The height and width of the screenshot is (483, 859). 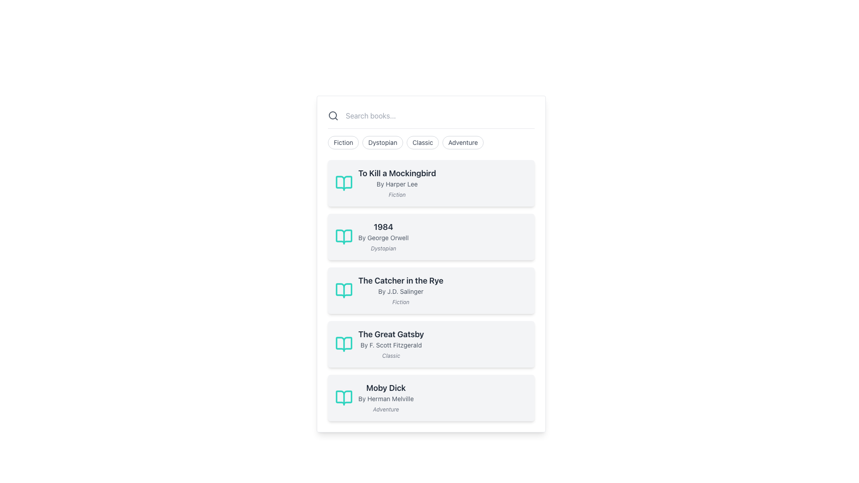 I want to click on the italicized gray text label reading 'Dystopian', which is located below the title '1984' and the author's name 'By George Orwell' in the book entry card, so click(x=383, y=248).